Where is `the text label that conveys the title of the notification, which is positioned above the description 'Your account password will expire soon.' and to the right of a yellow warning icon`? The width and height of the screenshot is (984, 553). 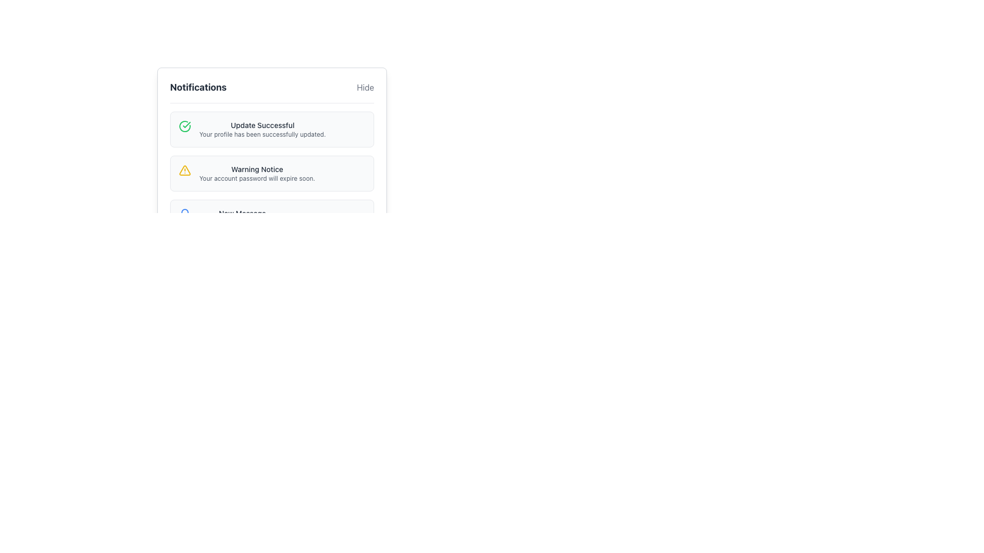 the text label that conveys the title of the notification, which is positioned above the description 'Your account password will expire soon.' and to the right of a yellow warning icon is located at coordinates (257, 169).